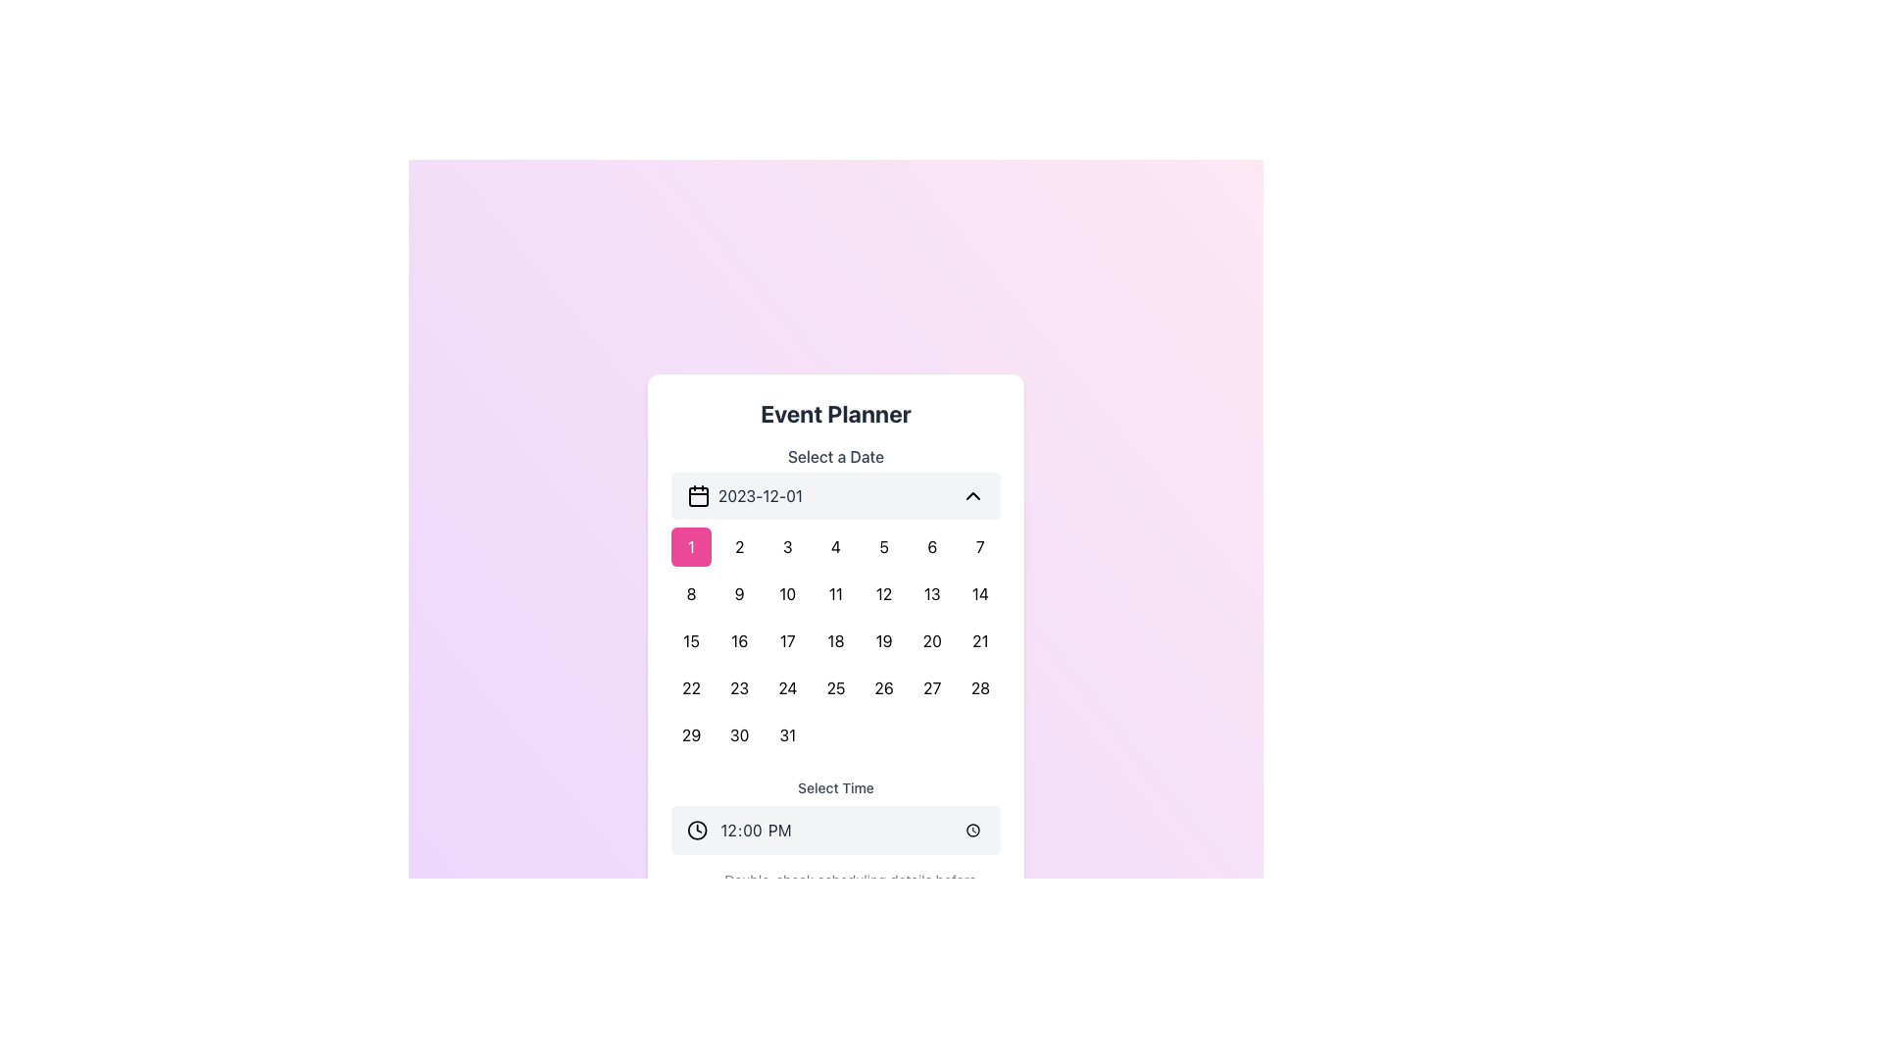 The image size is (1882, 1059). I want to click on the button labeled '24' in the calendar grid, so click(787, 687).